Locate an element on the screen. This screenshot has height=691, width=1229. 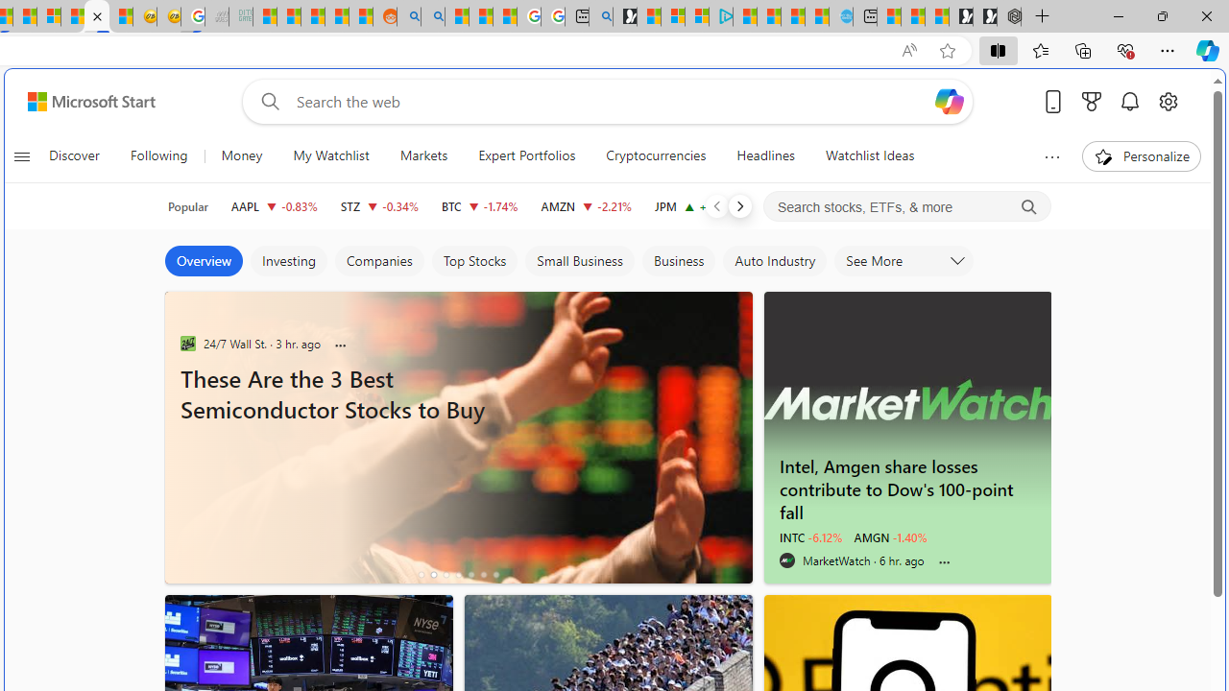
'AMGN -1.40%' is located at coordinates (890, 537).